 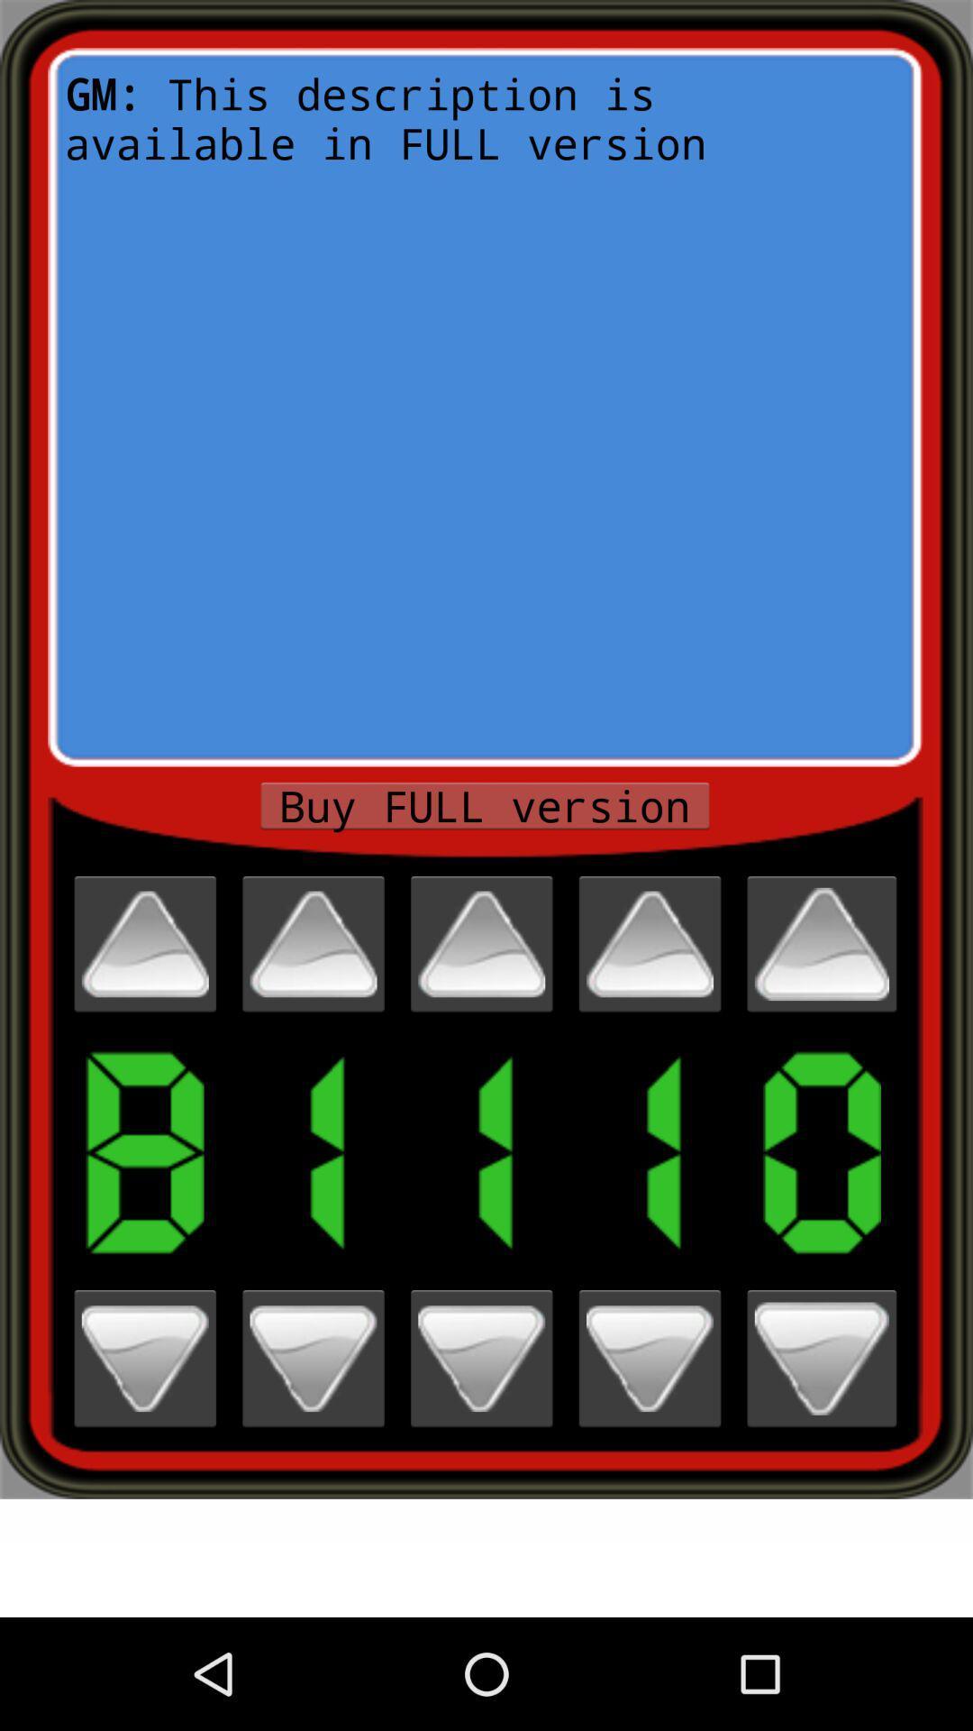 What do you see at coordinates (144, 1453) in the screenshot?
I see `the expand_more icon` at bounding box center [144, 1453].